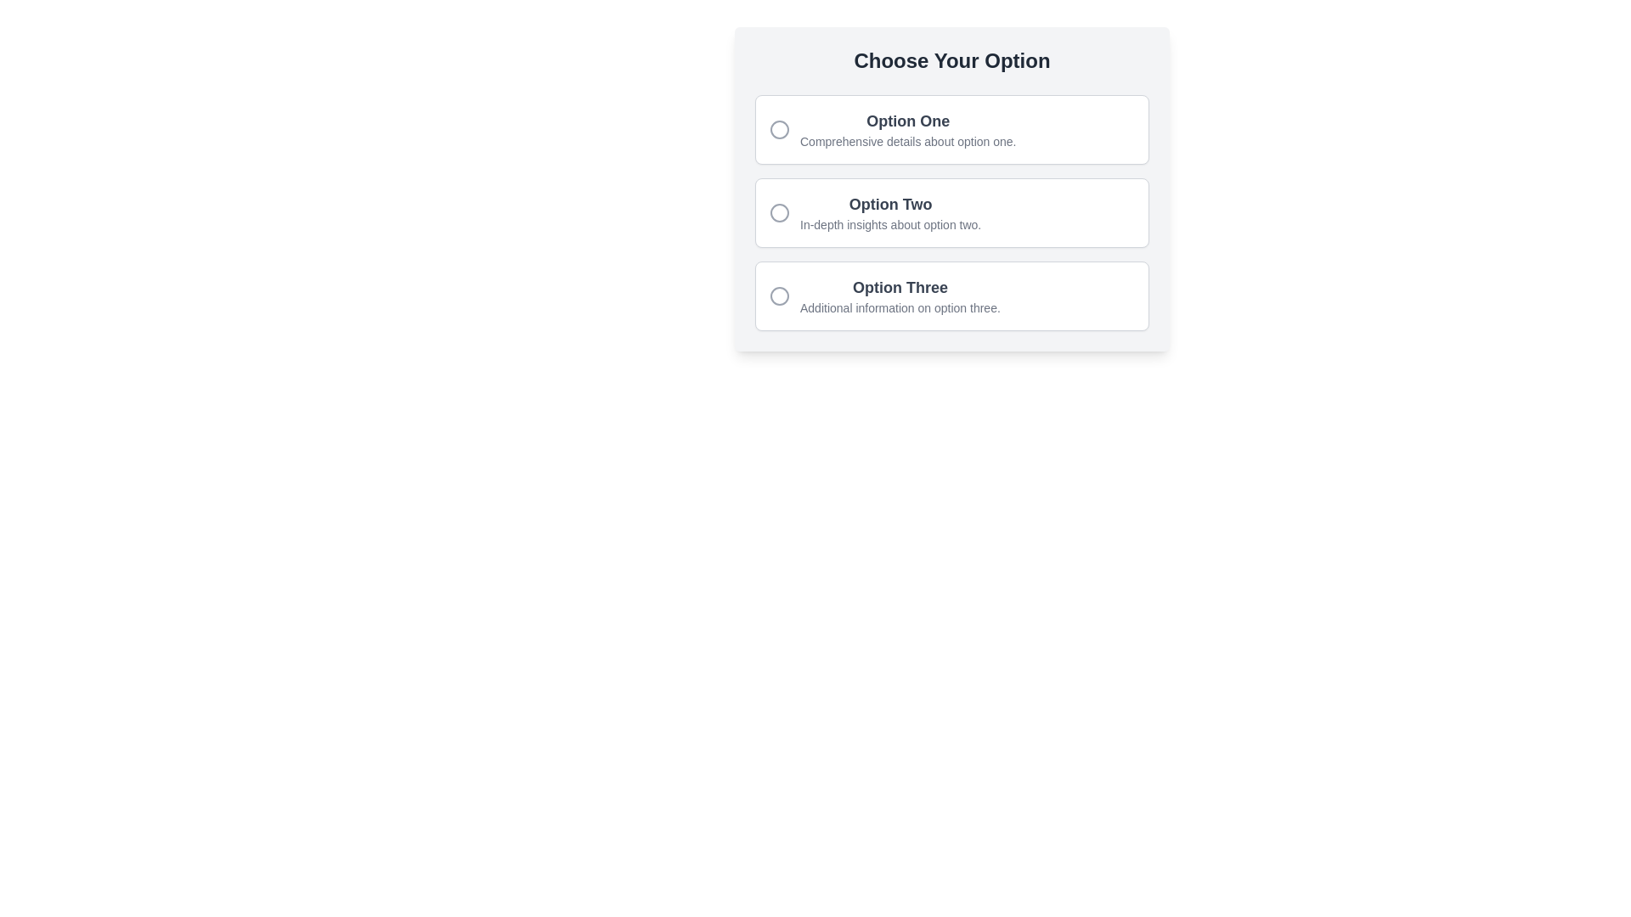 The width and height of the screenshot is (1631, 917). I want to click on the radio button associated with 'Option One', so click(778, 129).